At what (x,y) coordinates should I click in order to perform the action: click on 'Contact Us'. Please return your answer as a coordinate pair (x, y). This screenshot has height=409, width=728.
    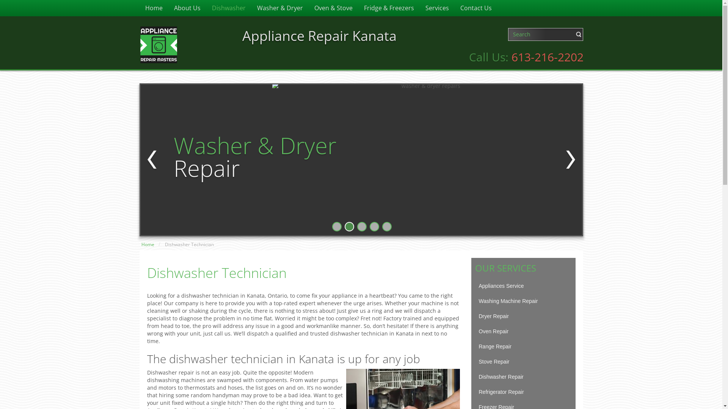
    Looking at the image, I should click on (475, 8).